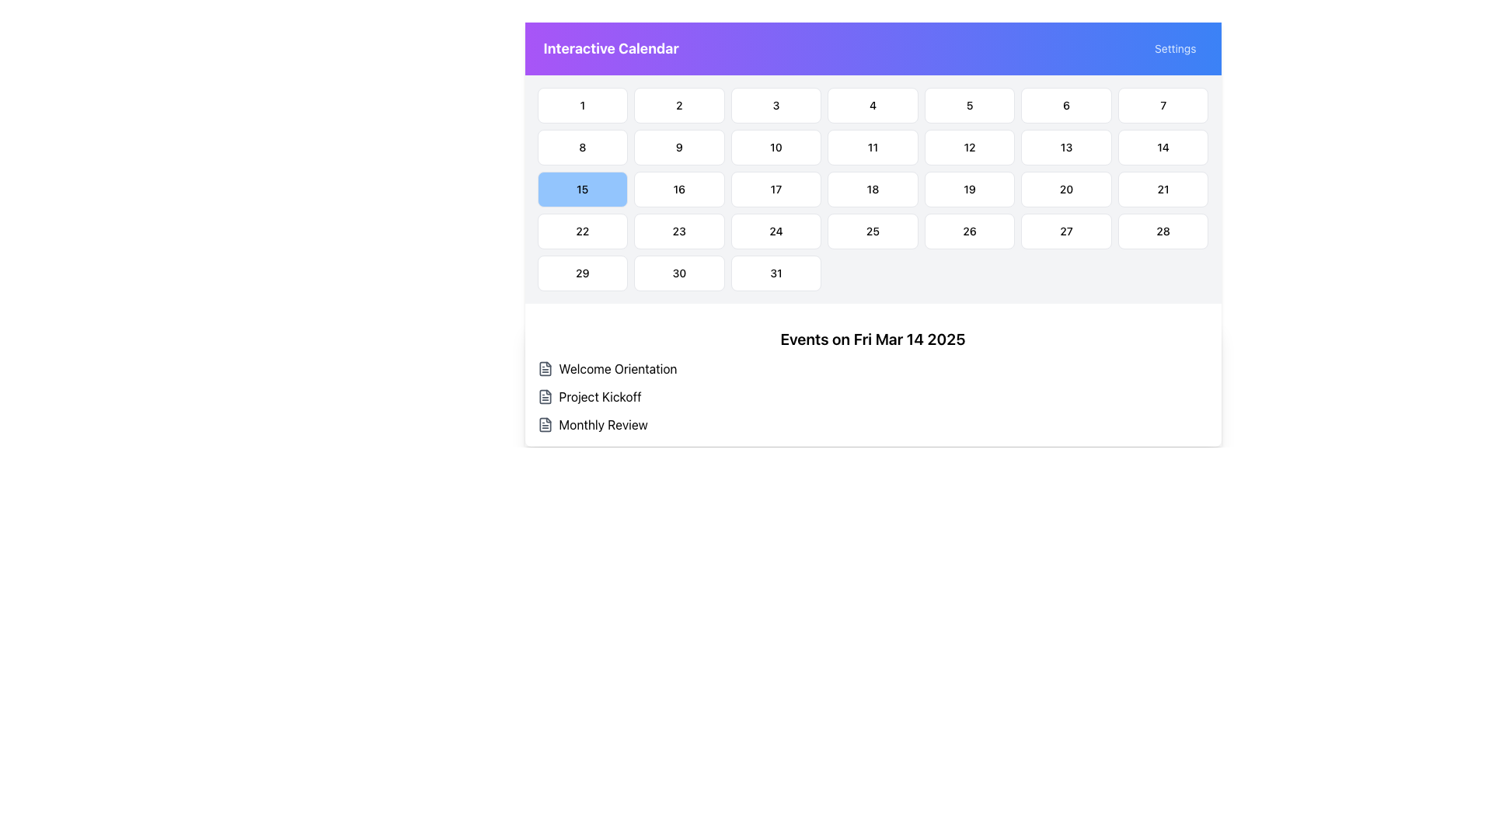  What do you see at coordinates (545, 395) in the screenshot?
I see `the icon associated with the text label 'Project Kickoff', which is the second item in the list under 'Events on Fri Mar 14 2025'` at bounding box center [545, 395].